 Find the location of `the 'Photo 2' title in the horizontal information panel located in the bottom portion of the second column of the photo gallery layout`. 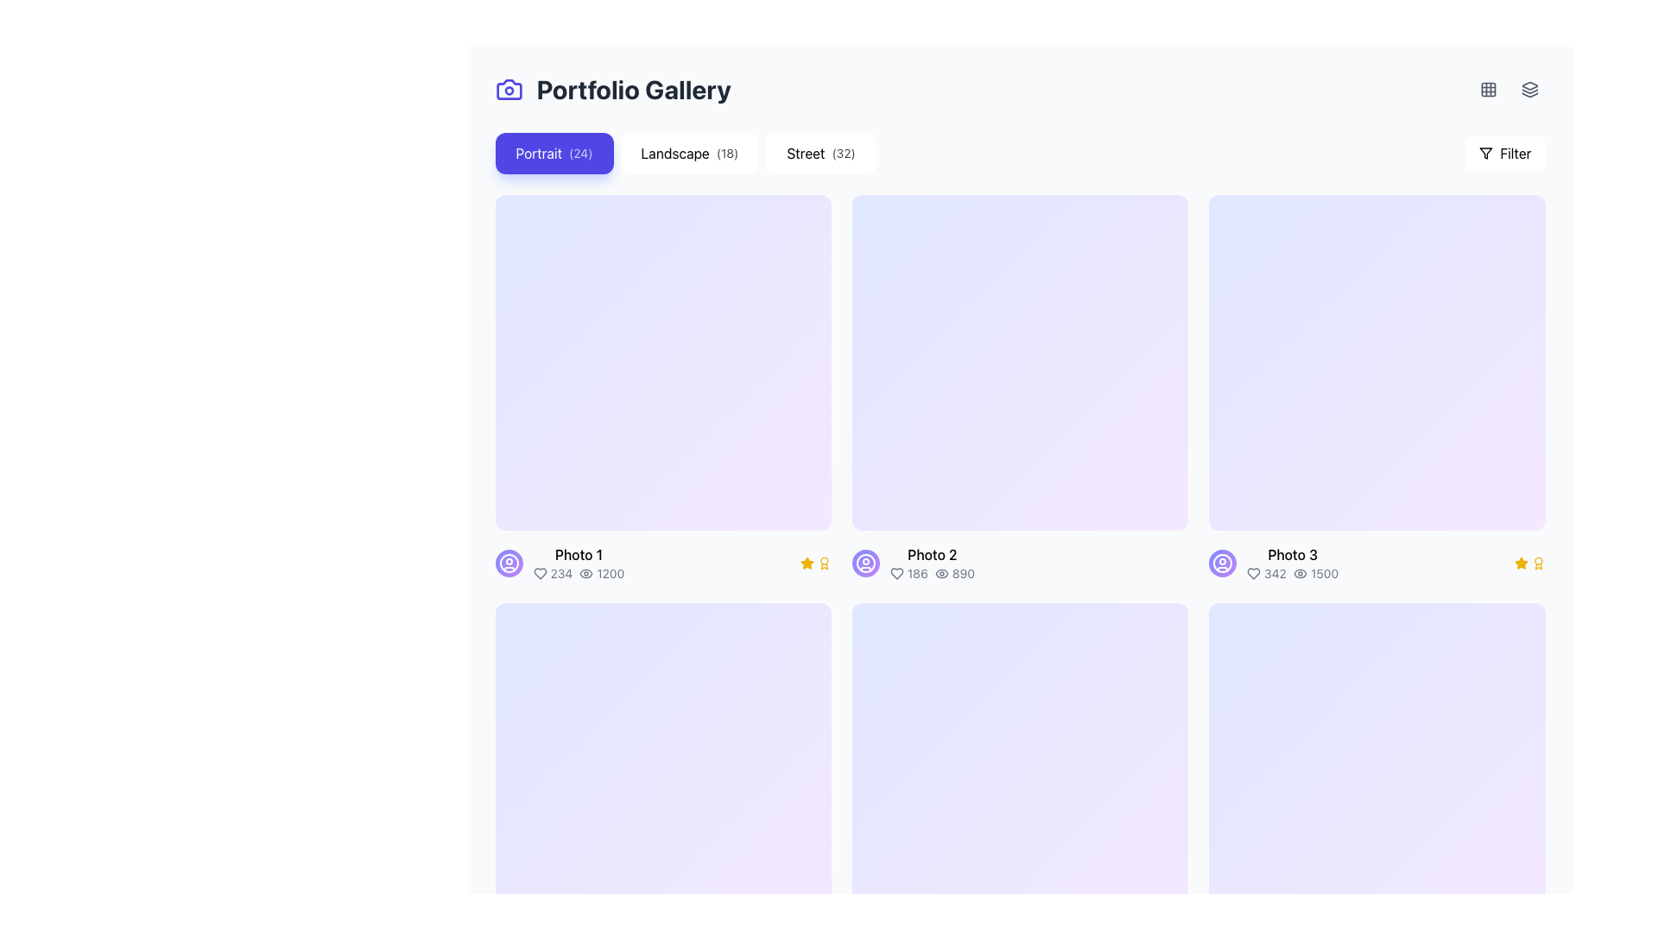

the 'Photo 2' title in the horizontal information panel located in the bottom portion of the second column of the photo gallery layout is located at coordinates (1020, 564).